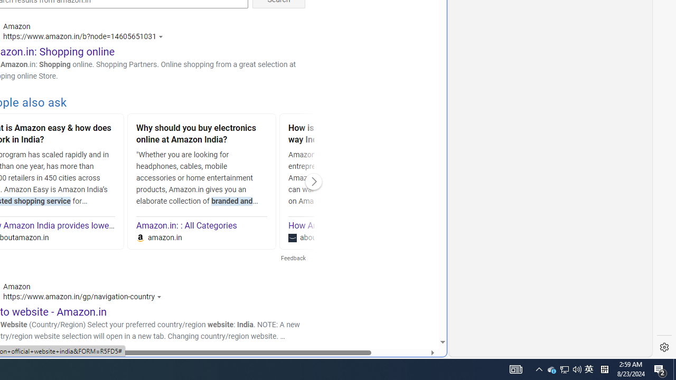 The height and width of the screenshot is (380, 676). I want to click on 'How is Amazon easy changing the way India buys?', so click(354, 135).